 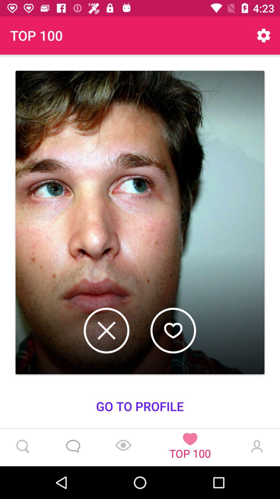 What do you see at coordinates (256, 447) in the screenshot?
I see `the avatar icon` at bounding box center [256, 447].